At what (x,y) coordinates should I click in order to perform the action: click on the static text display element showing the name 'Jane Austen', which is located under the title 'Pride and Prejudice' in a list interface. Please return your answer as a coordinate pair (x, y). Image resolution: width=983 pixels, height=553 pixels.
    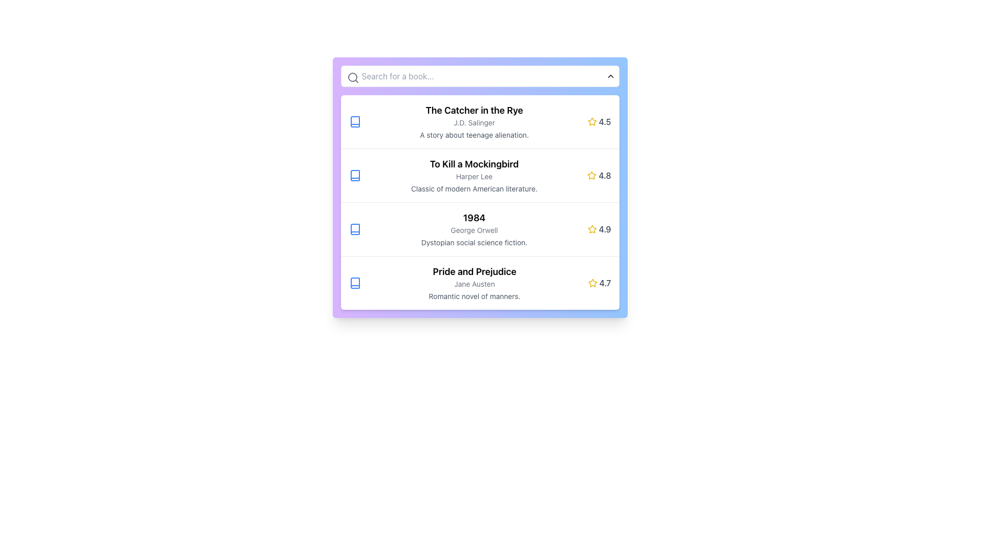
    Looking at the image, I should click on (474, 284).